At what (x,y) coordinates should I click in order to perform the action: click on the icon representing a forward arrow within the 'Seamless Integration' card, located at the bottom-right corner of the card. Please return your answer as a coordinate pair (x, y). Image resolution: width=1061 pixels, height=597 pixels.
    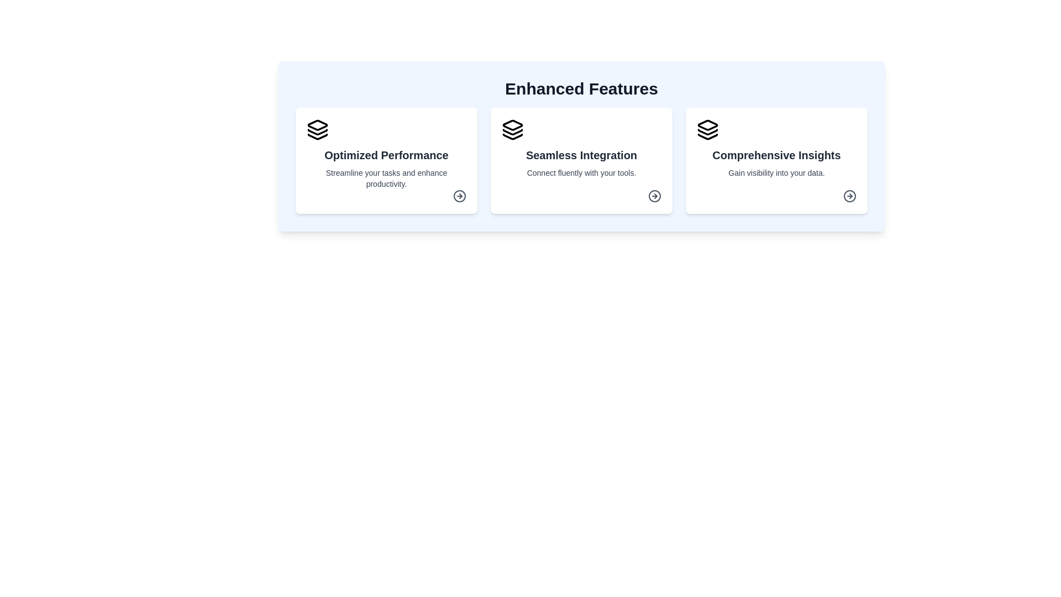
    Looking at the image, I should click on (655, 195).